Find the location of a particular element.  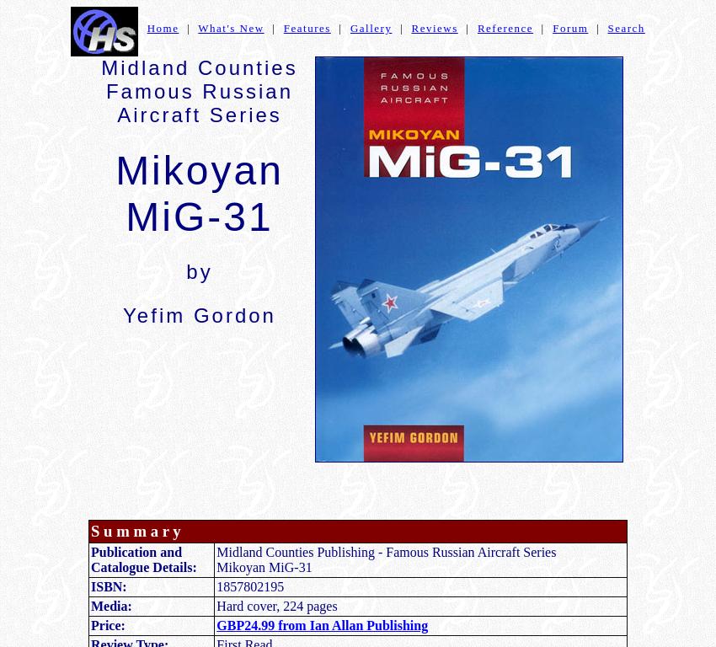

'Hard cover, 224 pages' is located at coordinates (276, 605).